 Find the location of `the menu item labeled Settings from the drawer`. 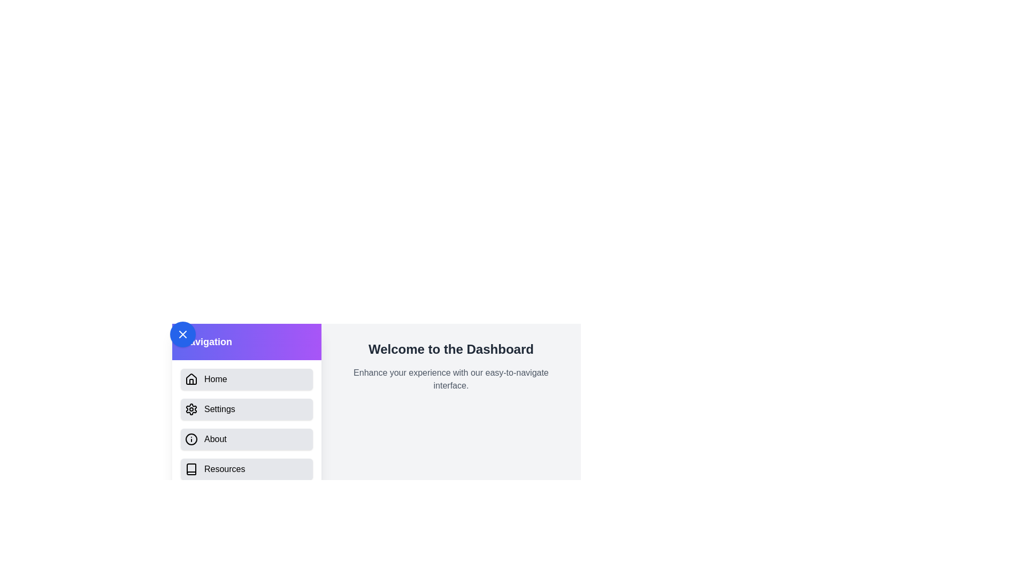

the menu item labeled Settings from the drawer is located at coordinates (246, 409).